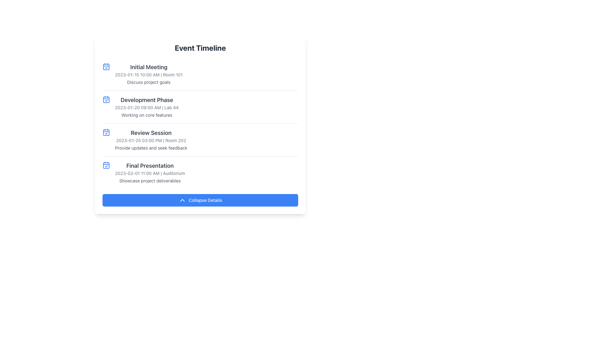 The width and height of the screenshot is (602, 338). Describe the element at coordinates (106, 132) in the screenshot. I see `the calendar icon with a checkmark in the 'Review Session' section of the 'Event Timeline' list, which is styled with a blue outline and white fill` at that location.